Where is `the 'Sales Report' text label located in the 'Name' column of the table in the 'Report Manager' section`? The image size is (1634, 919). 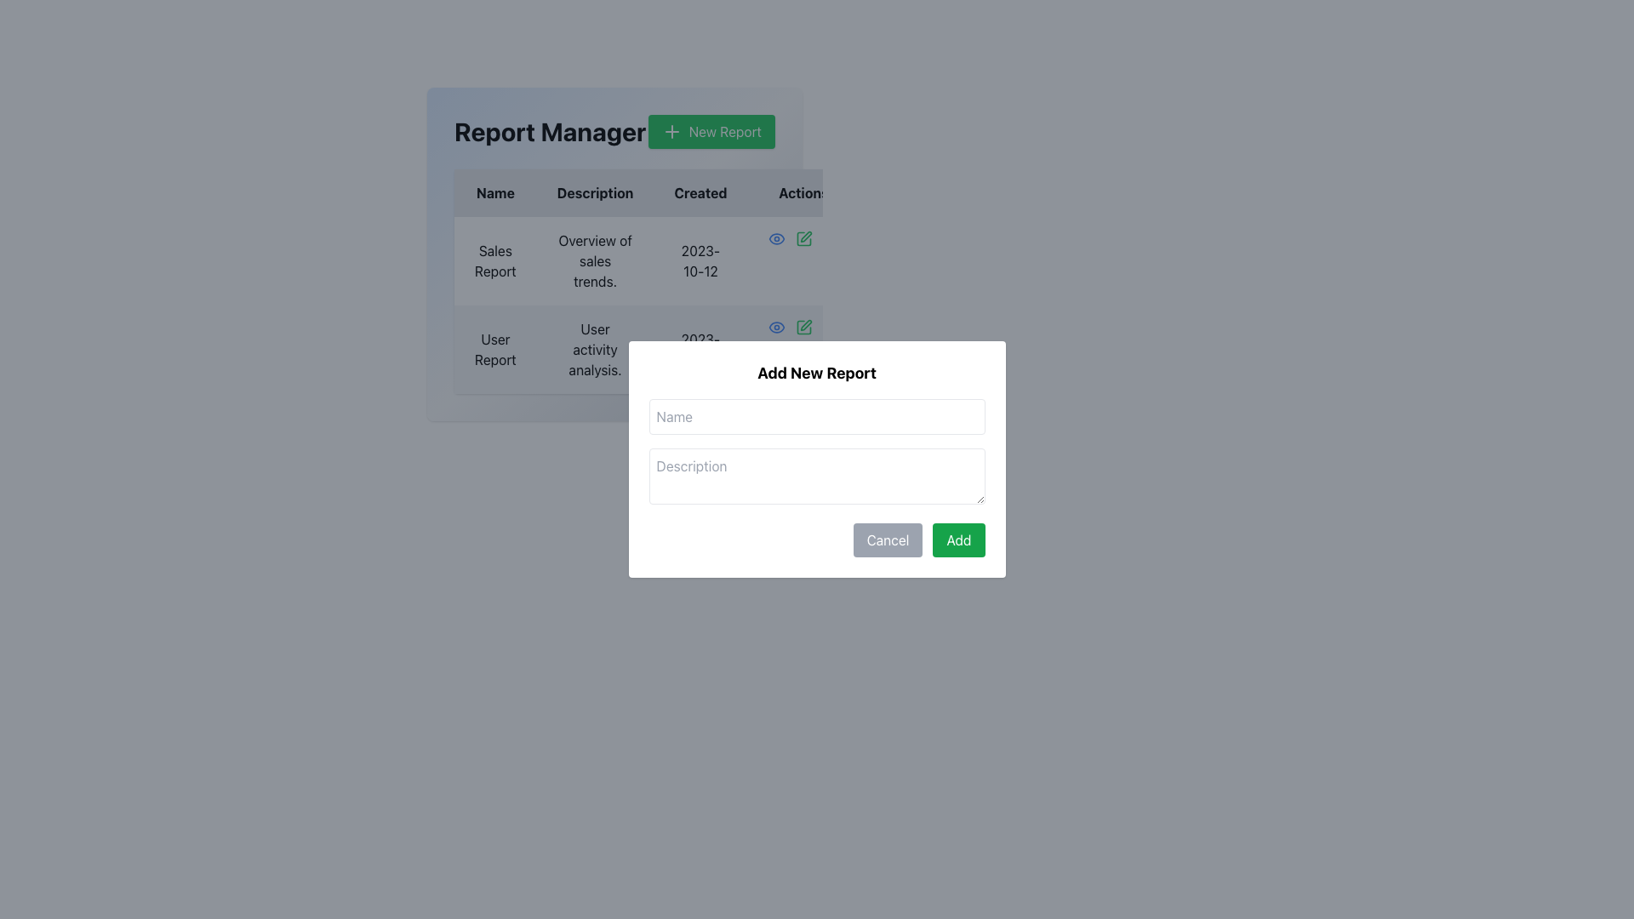 the 'Sales Report' text label located in the 'Name' column of the table in the 'Report Manager' section is located at coordinates (494, 261).